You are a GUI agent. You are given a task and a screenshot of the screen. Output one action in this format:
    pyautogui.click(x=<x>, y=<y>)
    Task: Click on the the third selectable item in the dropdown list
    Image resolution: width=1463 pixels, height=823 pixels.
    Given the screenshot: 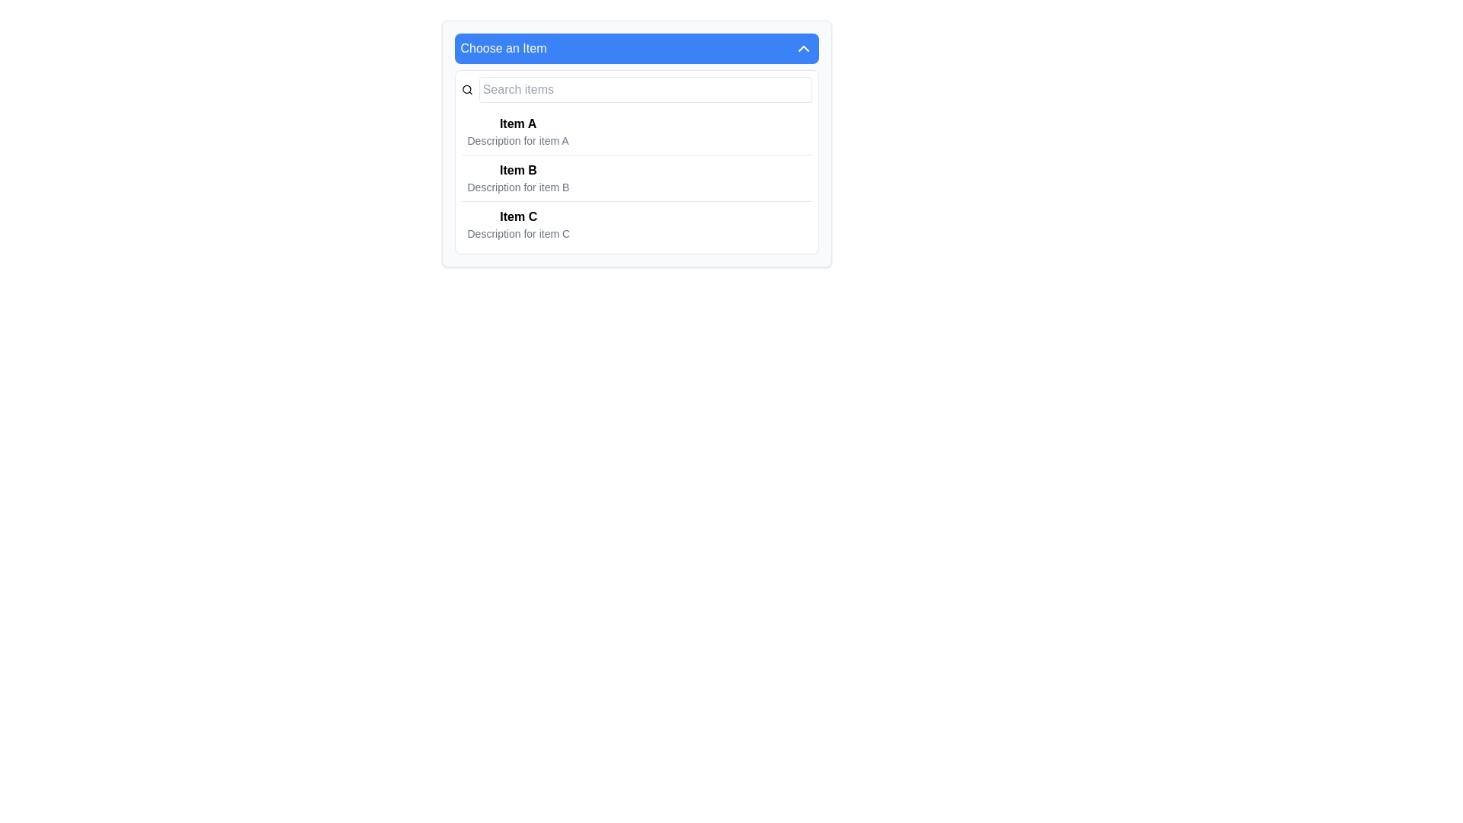 What is the action you would take?
    pyautogui.click(x=636, y=224)
    